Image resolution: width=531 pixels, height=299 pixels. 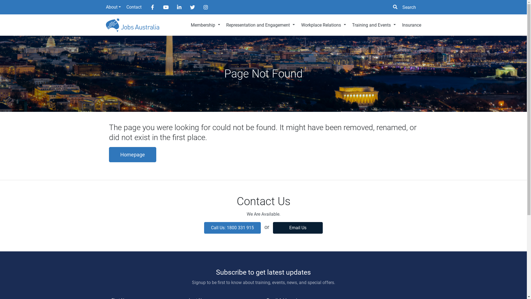 What do you see at coordinates (273, 228) in the screenshot?
I see `'Email Us'` at bounding box center [273, 228].